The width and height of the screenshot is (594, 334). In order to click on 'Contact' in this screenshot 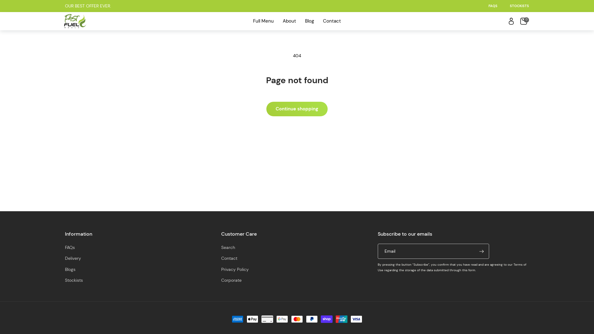, I will do `click(229, 258)`.